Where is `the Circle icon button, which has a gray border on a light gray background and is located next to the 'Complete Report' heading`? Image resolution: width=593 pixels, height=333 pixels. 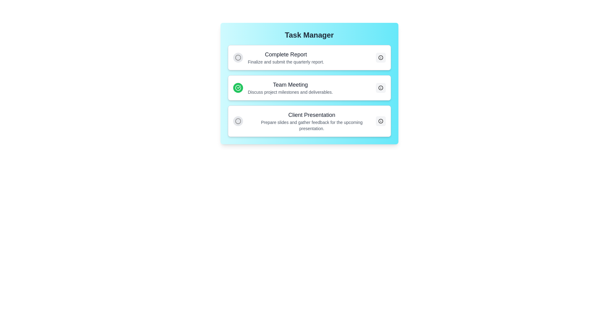 the Circle icon button, which has a gray border on a light gray background and is located next to the 'Complete Report' heading is located at coordinates (238, 57).